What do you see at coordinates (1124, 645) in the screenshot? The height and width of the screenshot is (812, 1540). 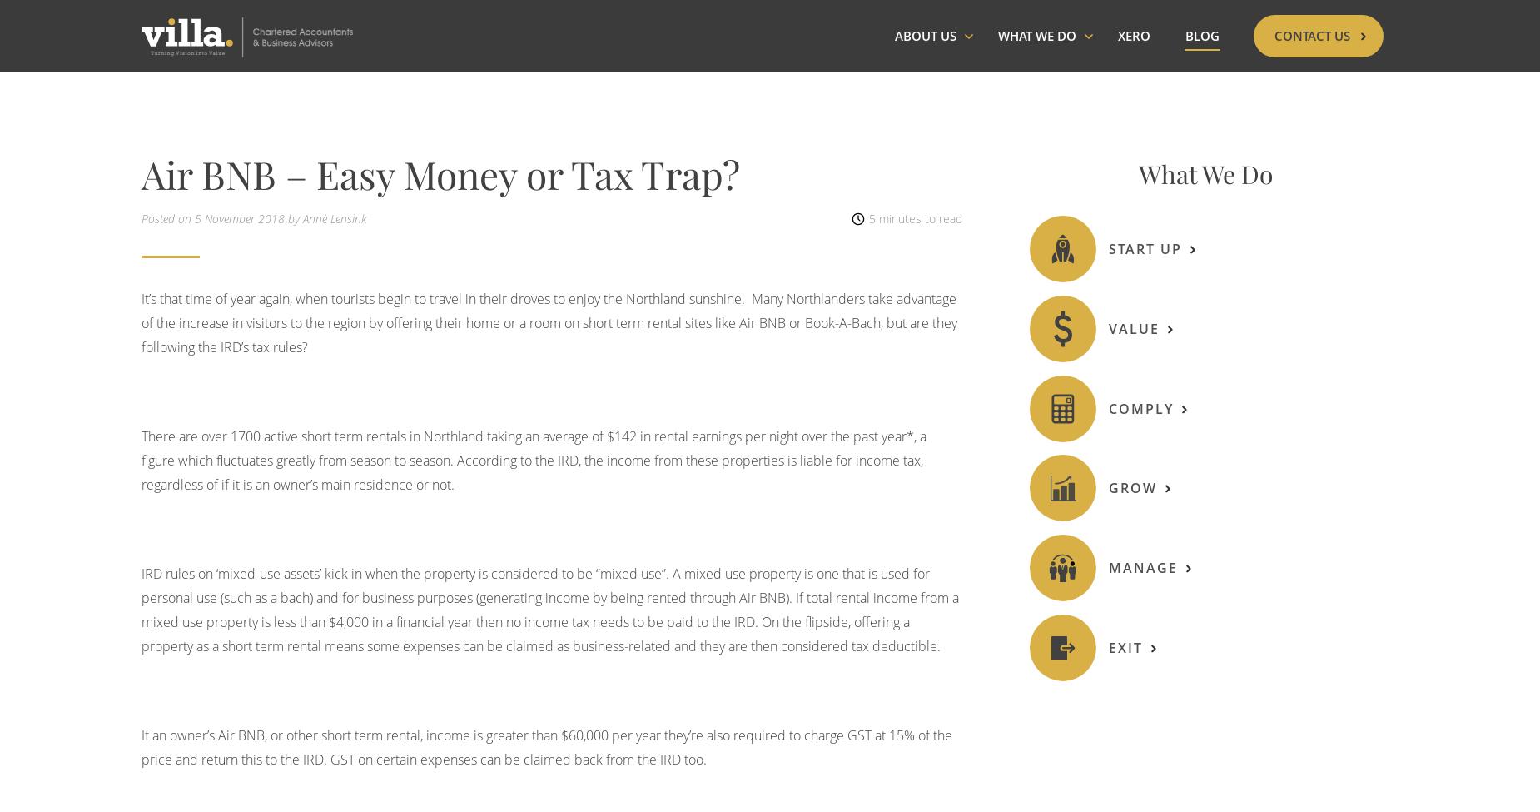 I see `'Exit'` at bounding box center [1124, 645].